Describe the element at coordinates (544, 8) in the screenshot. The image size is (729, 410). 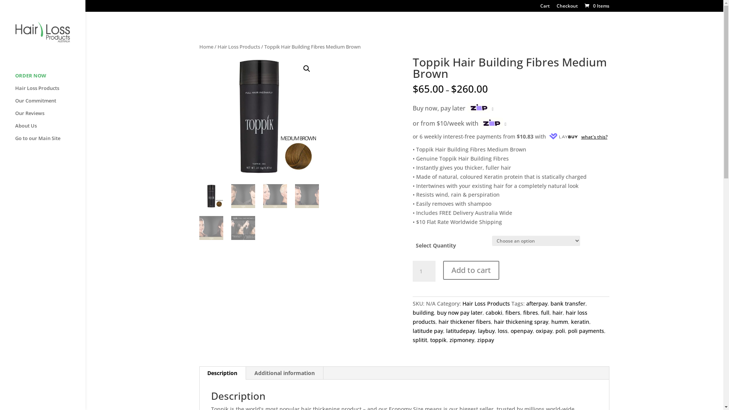
I see `'Cart'` at that location.